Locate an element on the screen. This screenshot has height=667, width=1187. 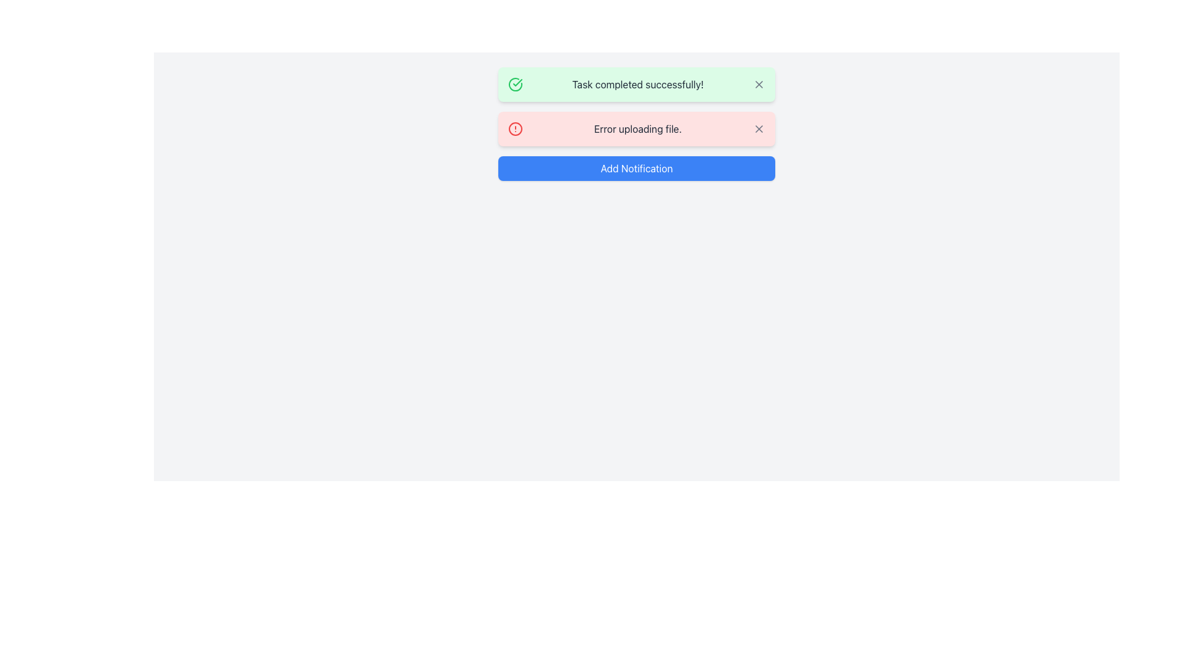
the second notification panel that displays an error message for a failed file upload is located at coordinates (637, 124).